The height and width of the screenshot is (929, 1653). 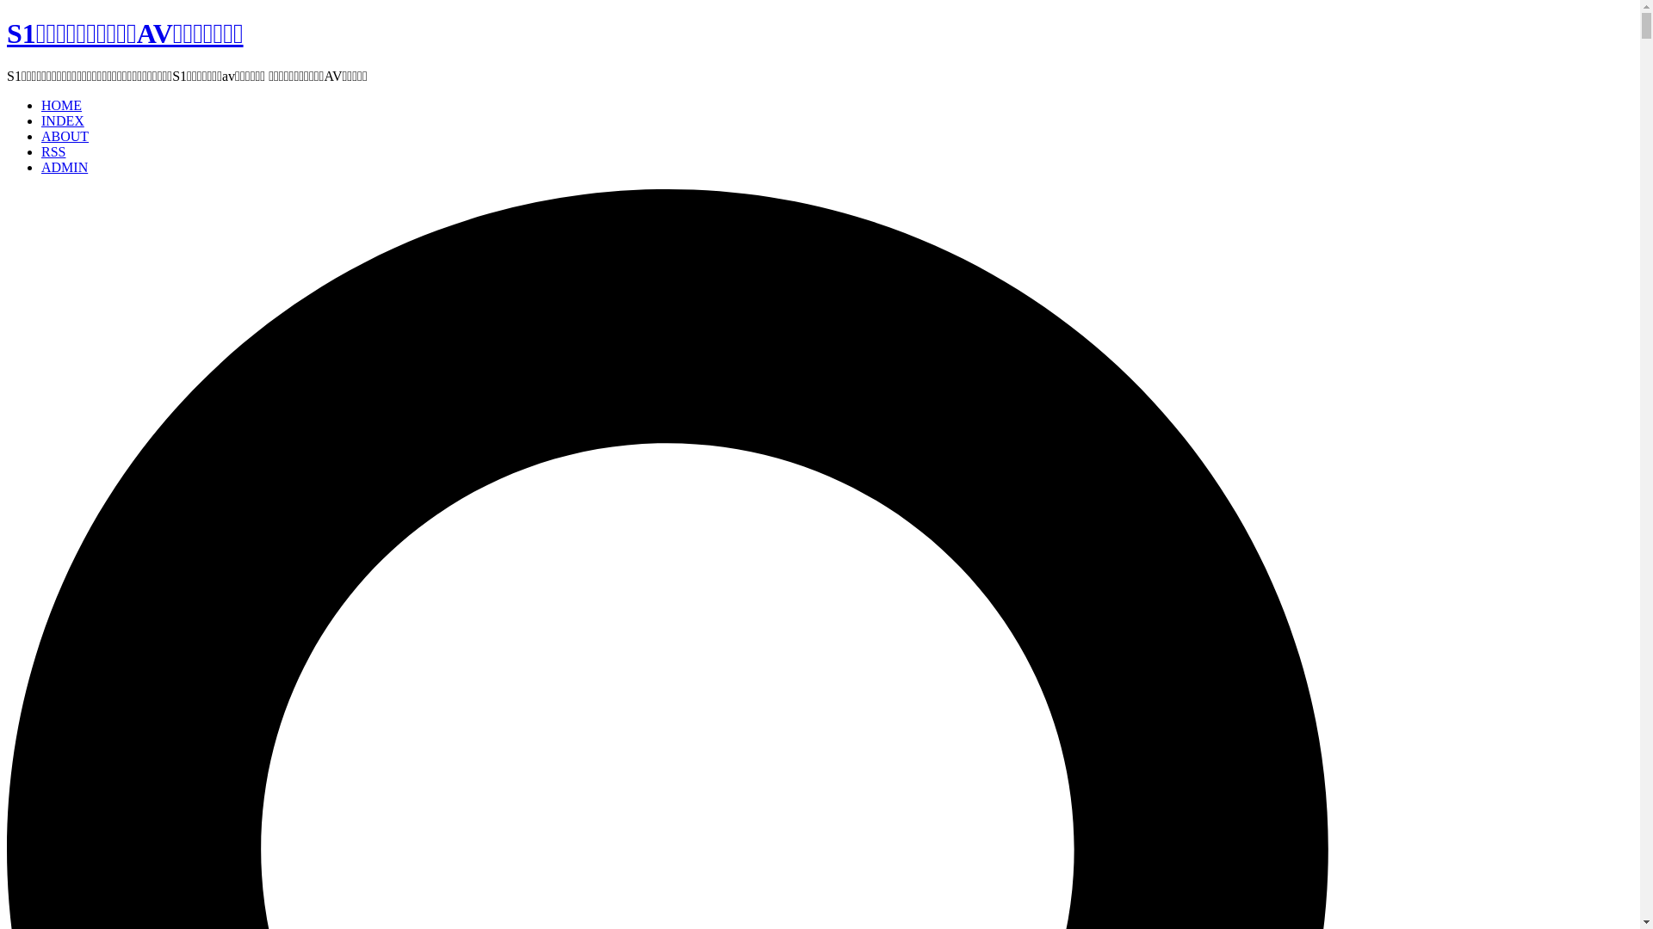 What do you see at coordinates (65, 135) in the screenshot?
I see `'ABOUT'` at bounding box center [65, 135].